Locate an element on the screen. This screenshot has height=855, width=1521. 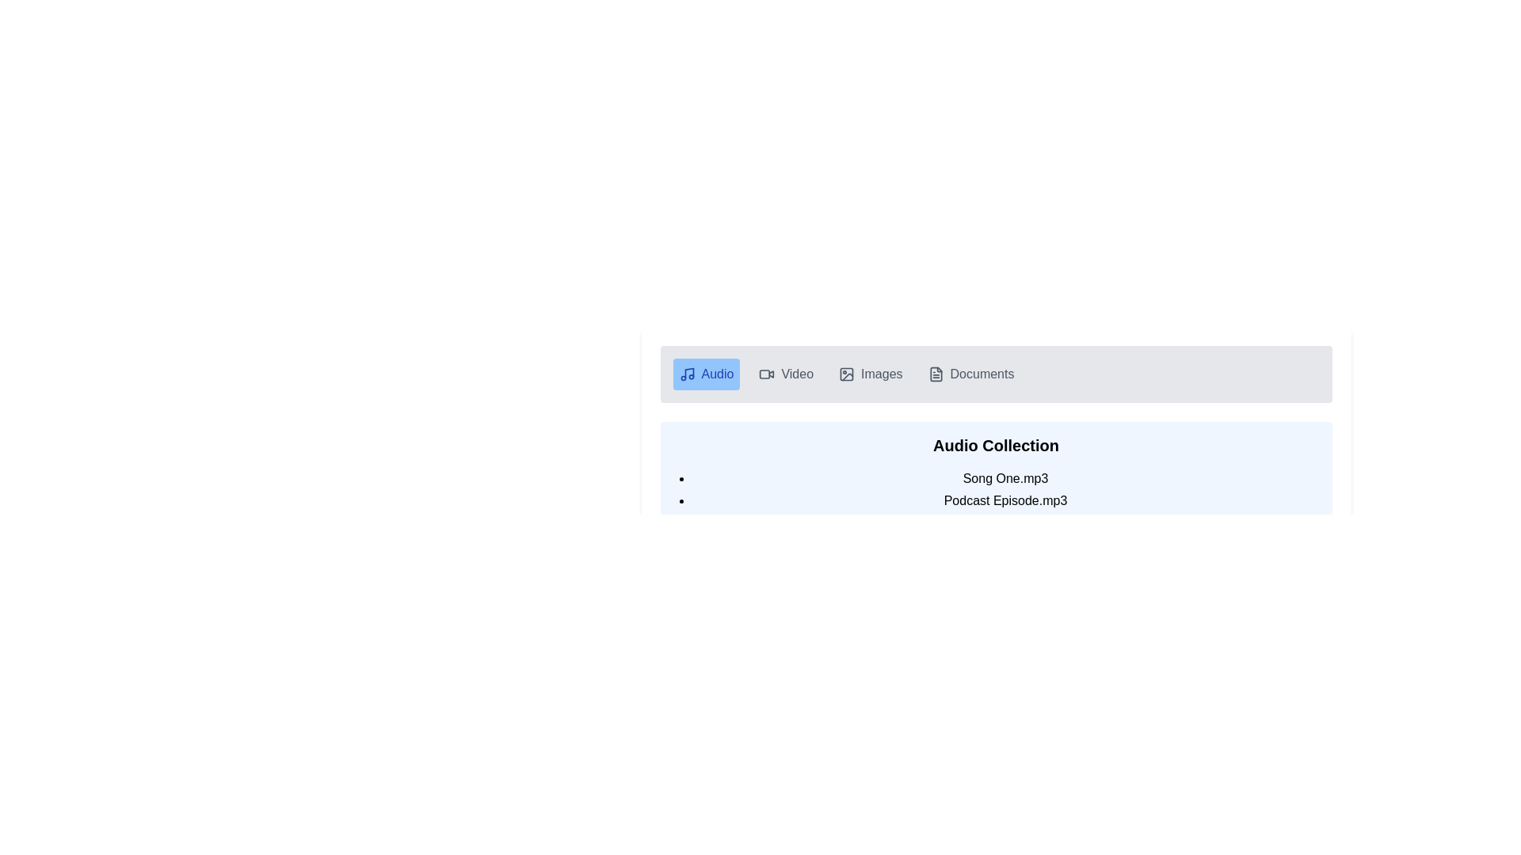
the rectangular video camera icon located in the Video tab of the tab bar is located at coordinates (764, 374).